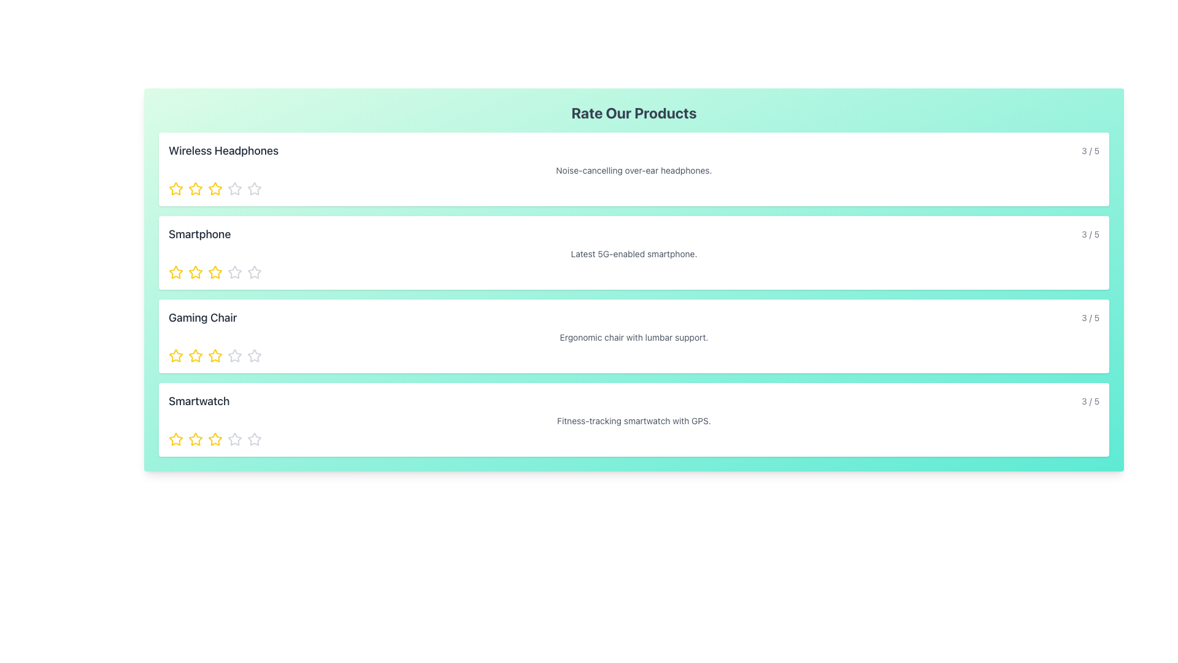  Describe the element at coordinates (194, 438) in the screenshot. I see `the star icon for rating associated with the 'Smartwatch' row` at that location.